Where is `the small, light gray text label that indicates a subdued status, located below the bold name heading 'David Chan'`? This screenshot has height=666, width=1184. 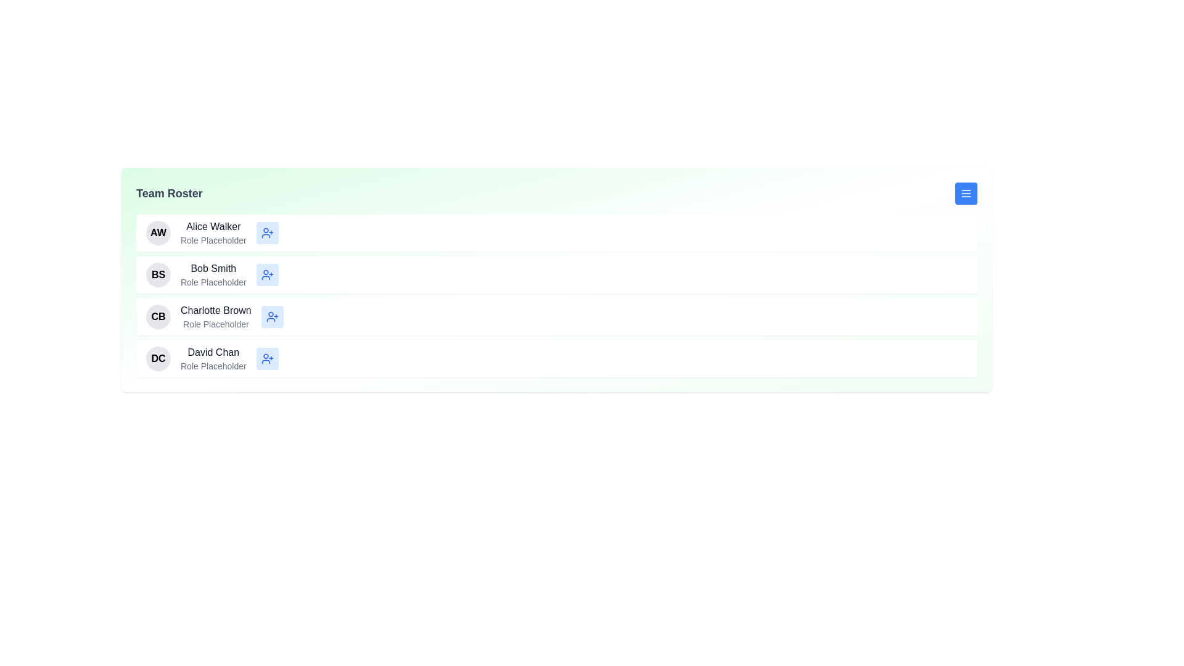 the small, light gray text label that indicates a subdued status, located below the bold name heading 'David Chan' is located at coordinates (213, 366).